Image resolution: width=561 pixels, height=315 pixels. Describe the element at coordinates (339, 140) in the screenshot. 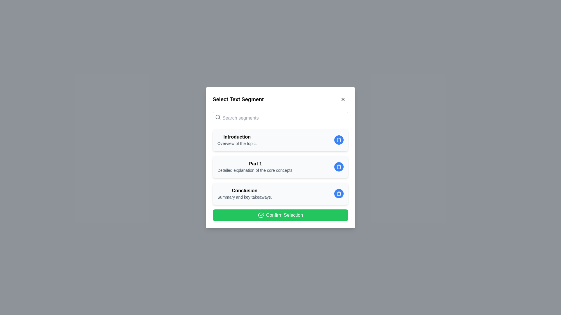

I see `the clipboard icon corresponding to the segment Introduction to copy its information to the clipboard` at that location.